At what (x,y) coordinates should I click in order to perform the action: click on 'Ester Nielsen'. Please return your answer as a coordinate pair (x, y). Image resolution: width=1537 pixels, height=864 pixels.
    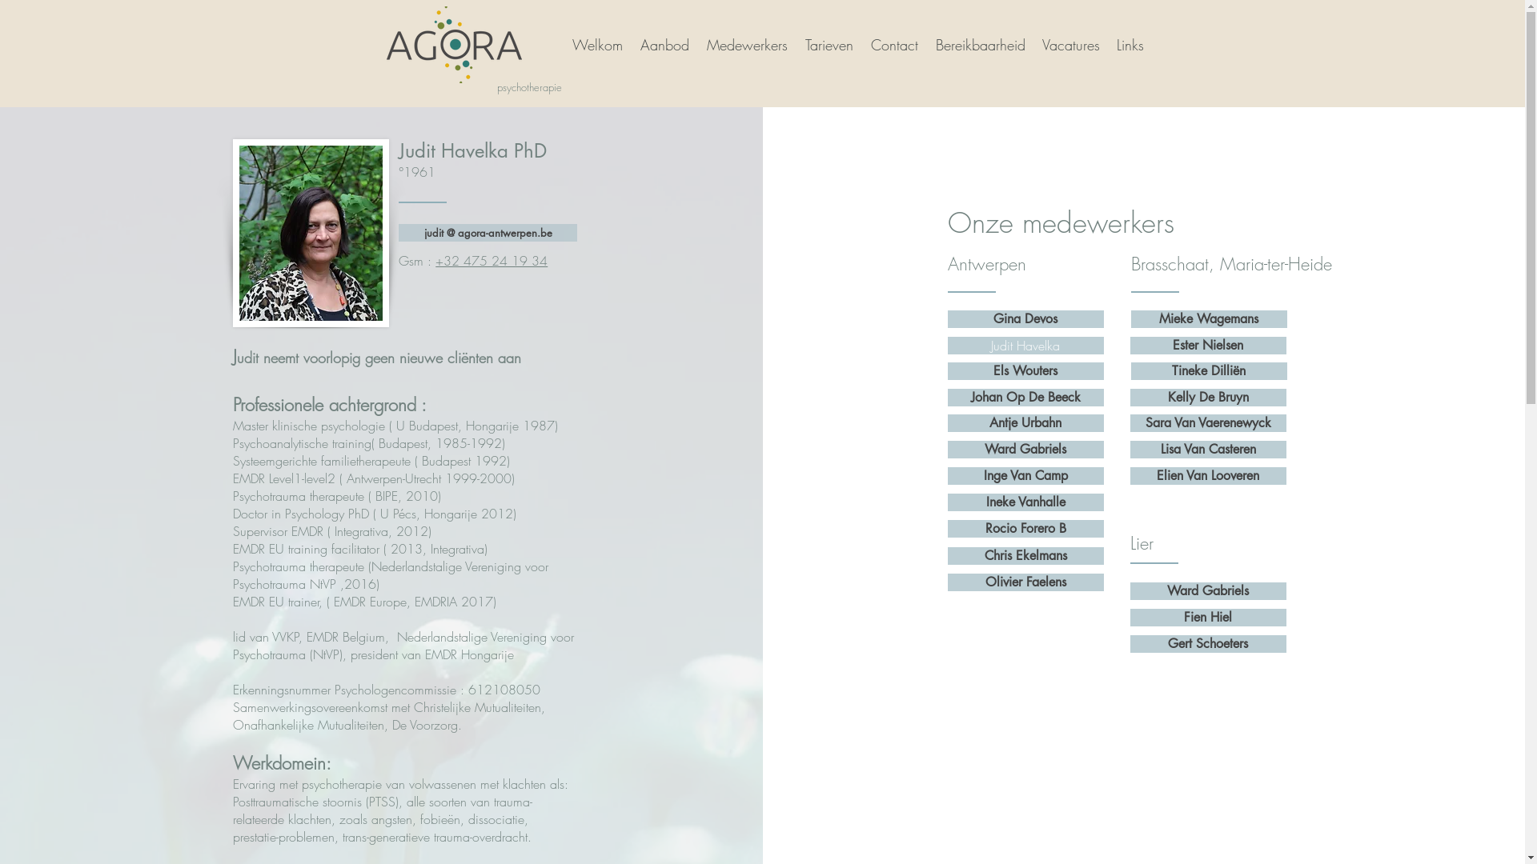
    Looking at the image, I should click on (1208, 345).